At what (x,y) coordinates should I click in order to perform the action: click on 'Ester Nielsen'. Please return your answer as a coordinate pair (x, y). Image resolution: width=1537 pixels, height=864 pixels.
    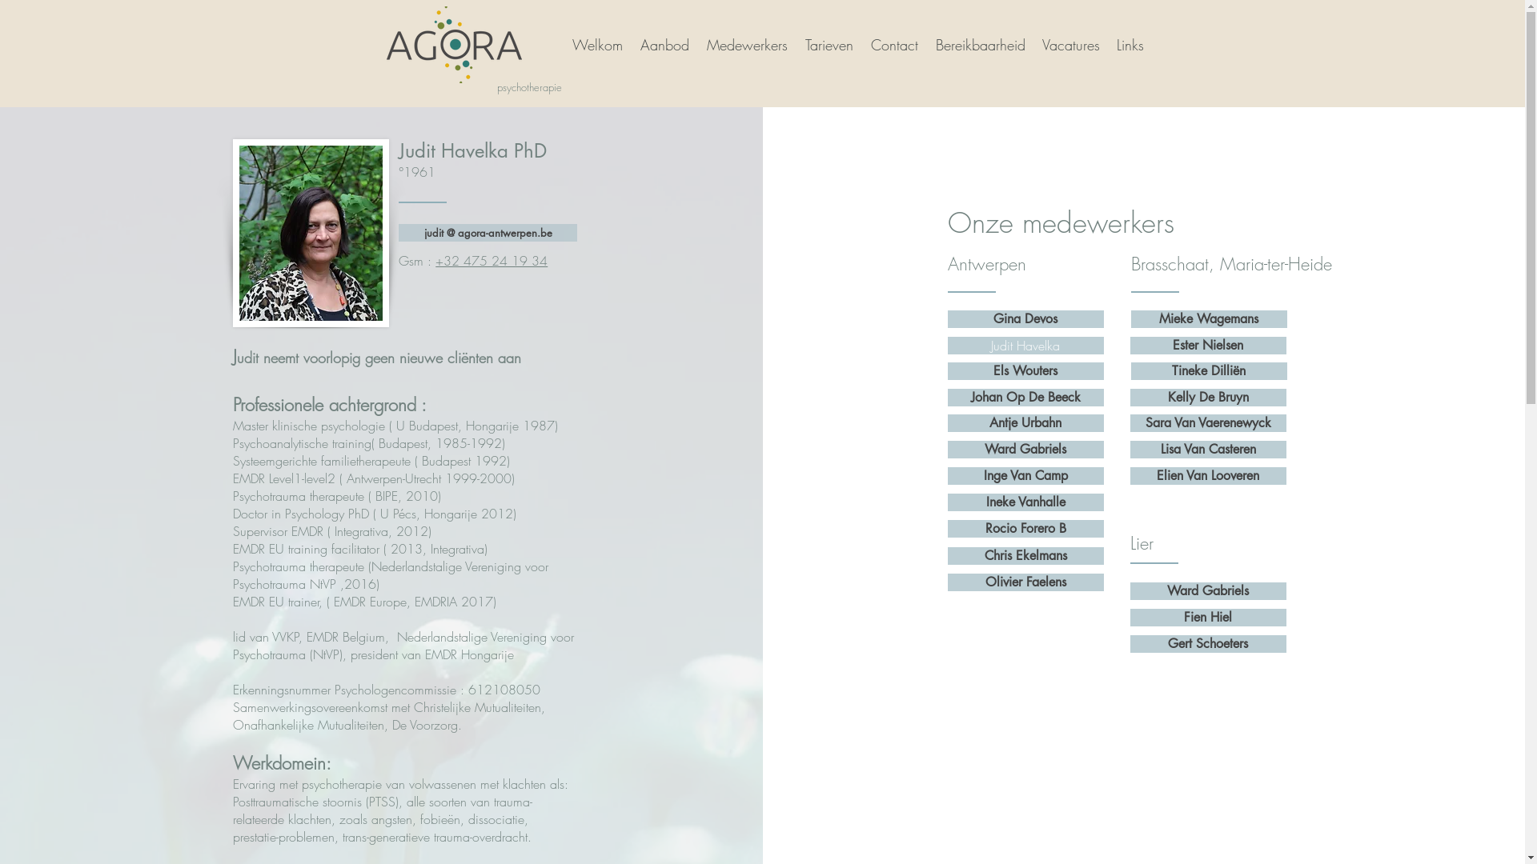
    Looking at the image, I should click on (1208, 345).